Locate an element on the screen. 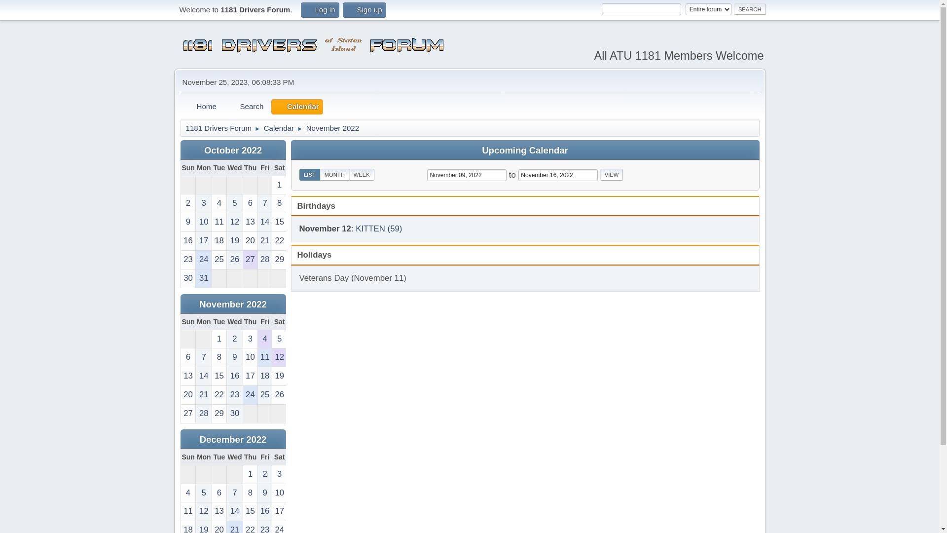  '7' is located at coordinates (258, 203).